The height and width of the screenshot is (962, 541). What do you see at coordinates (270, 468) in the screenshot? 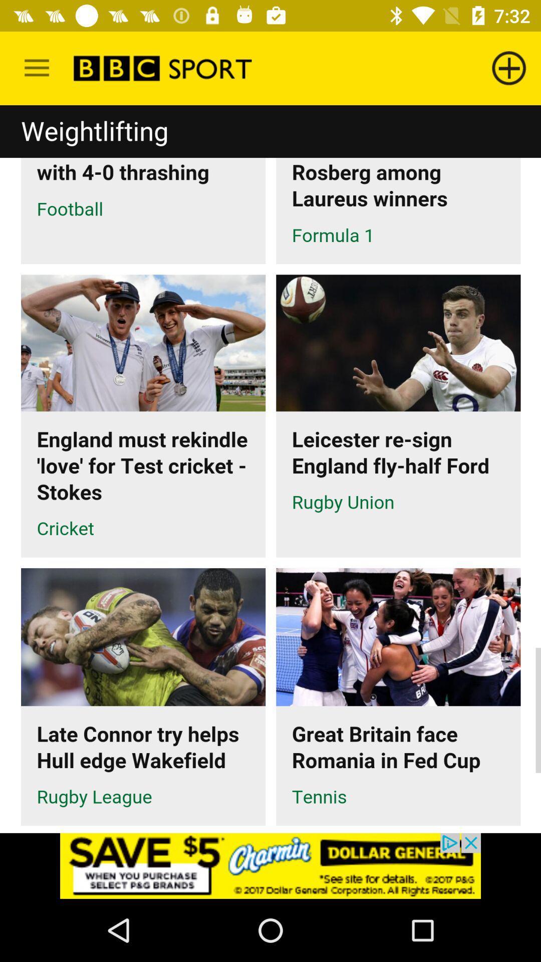
I see `news in sports` at bounding box center [270, 468].